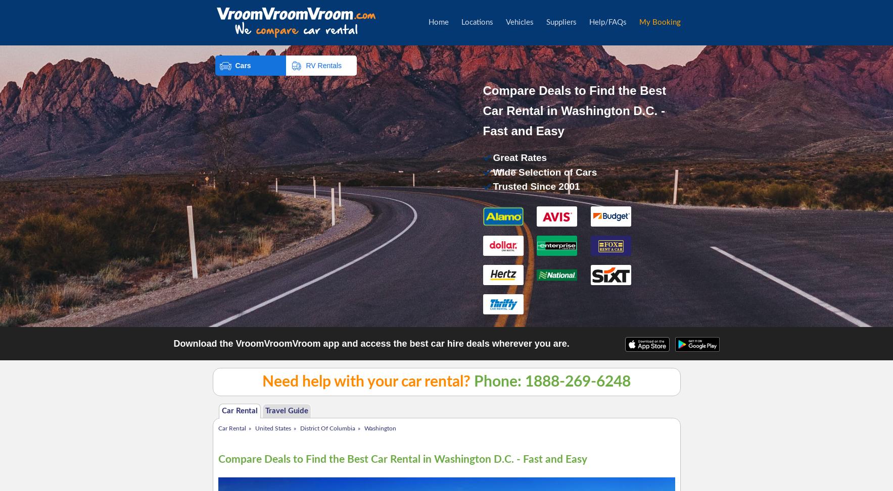  Describe the element at coordinates (545, 172) in the screenshot. I see `'Wide Selection of Cars'` at that location.